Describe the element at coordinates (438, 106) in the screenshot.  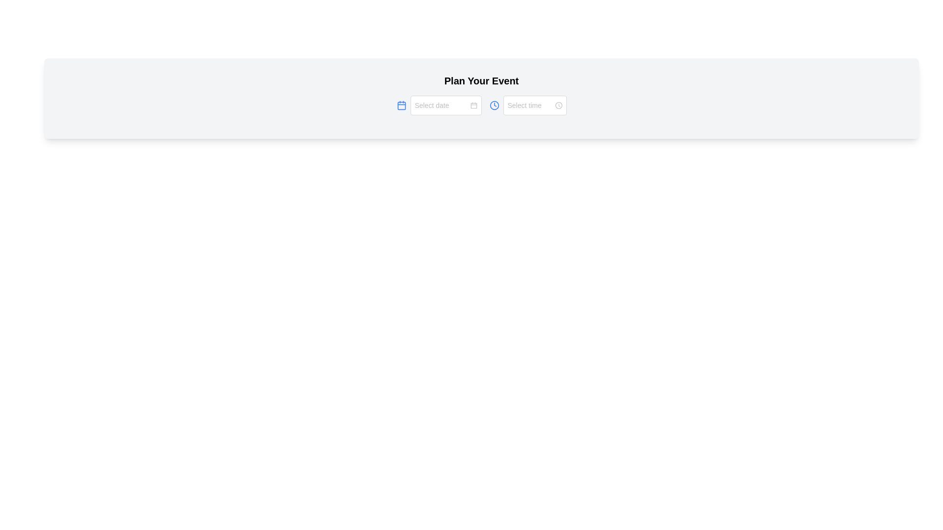
I see `the Date Picker Input located on the left side of the horizontal arrangement, which features a text input with the placeholder 'Select date'` at that location.